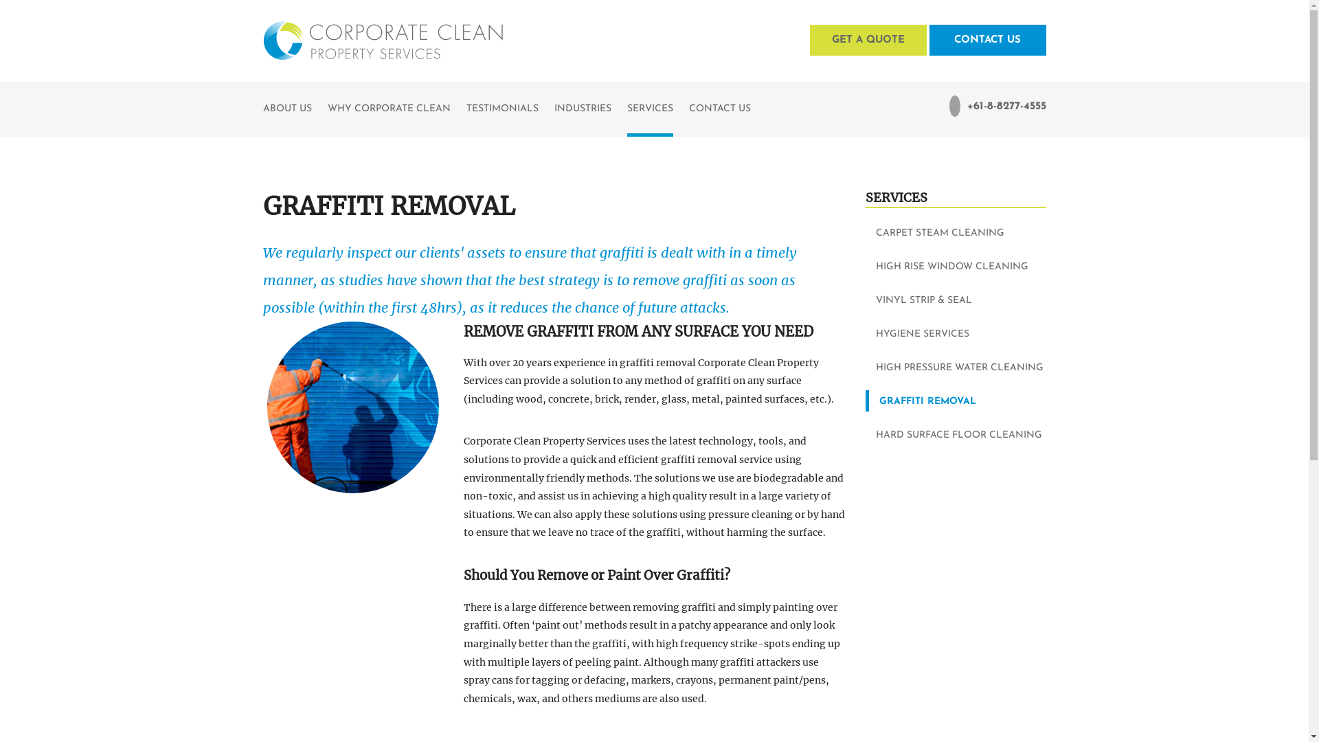 The height and width of the screenshot is (742, 1319). Describe the element at coordinates (809, 39) in the screenshot. I see `'GET A QUOTE'` at that location.